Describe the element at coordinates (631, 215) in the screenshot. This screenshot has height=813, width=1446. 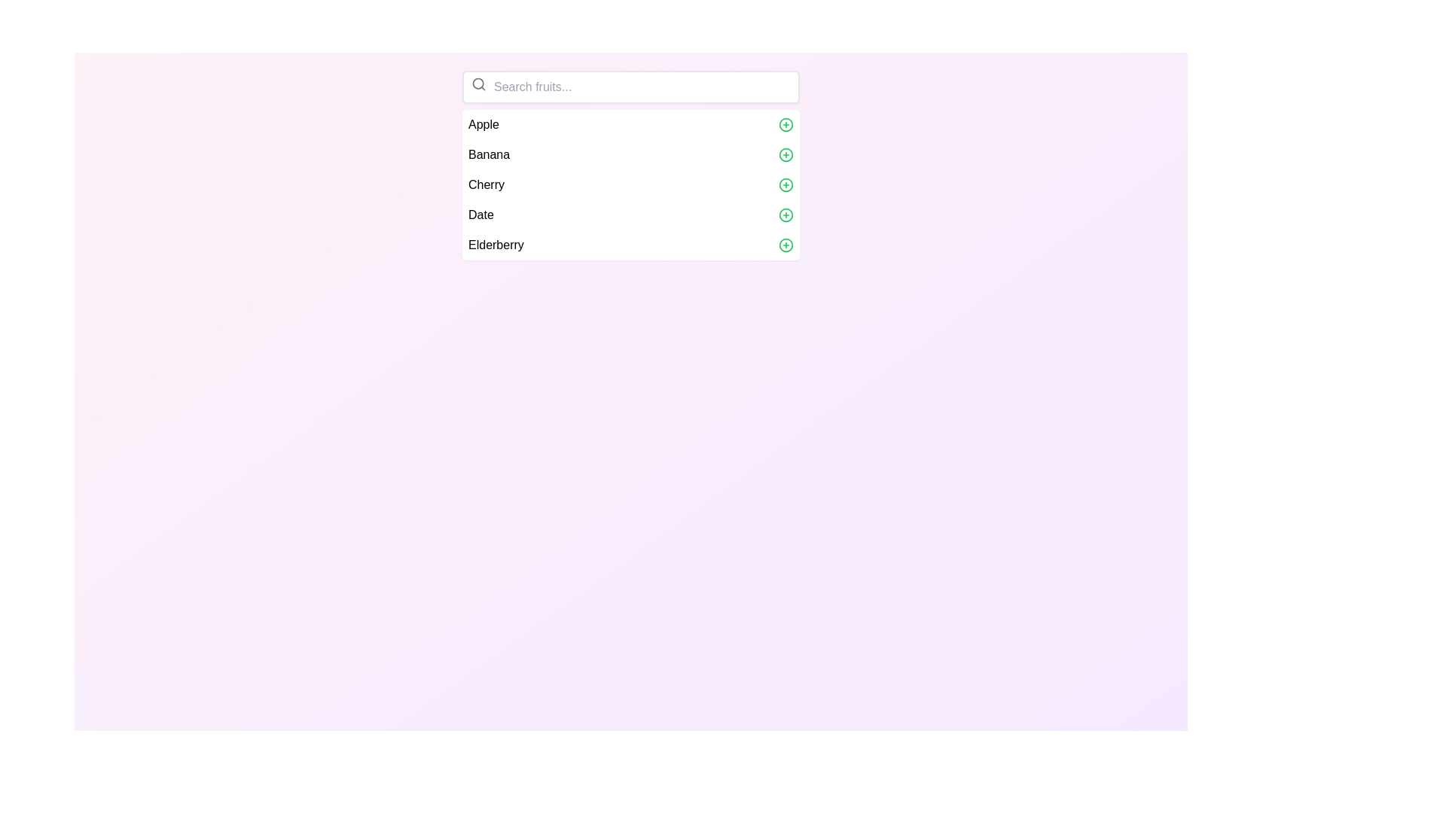
I see `the text of the 'Date' option in the vertically stacked list, which is the fourth item between 'Cherry' and 'Elderberry'` at that location.